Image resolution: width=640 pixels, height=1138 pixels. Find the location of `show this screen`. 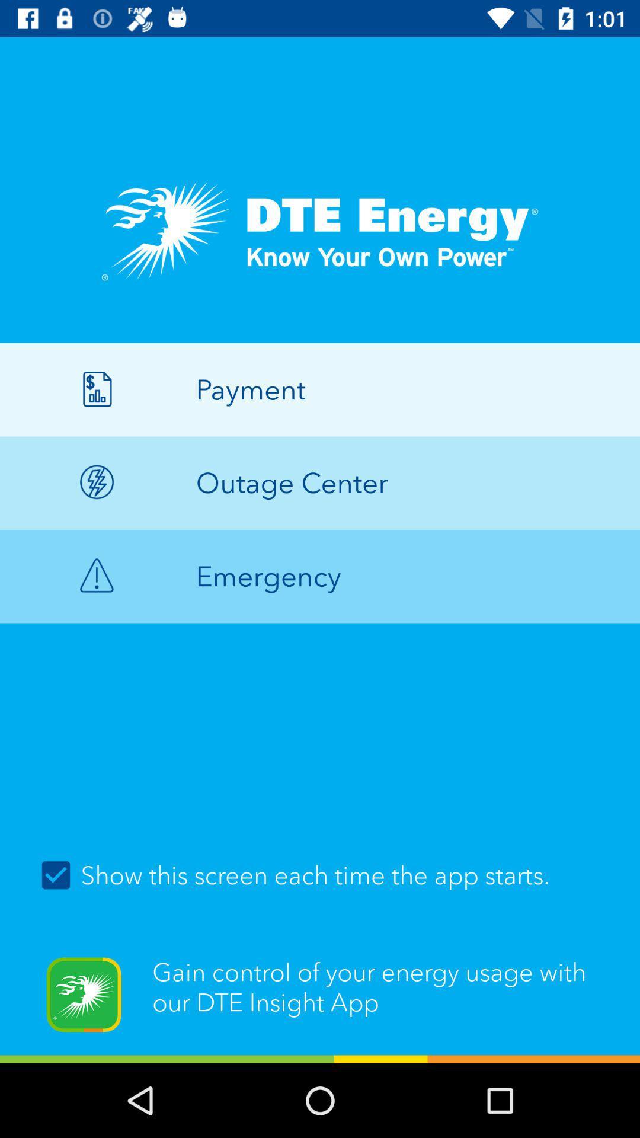

show this screen is located at coordinates (320, 875).